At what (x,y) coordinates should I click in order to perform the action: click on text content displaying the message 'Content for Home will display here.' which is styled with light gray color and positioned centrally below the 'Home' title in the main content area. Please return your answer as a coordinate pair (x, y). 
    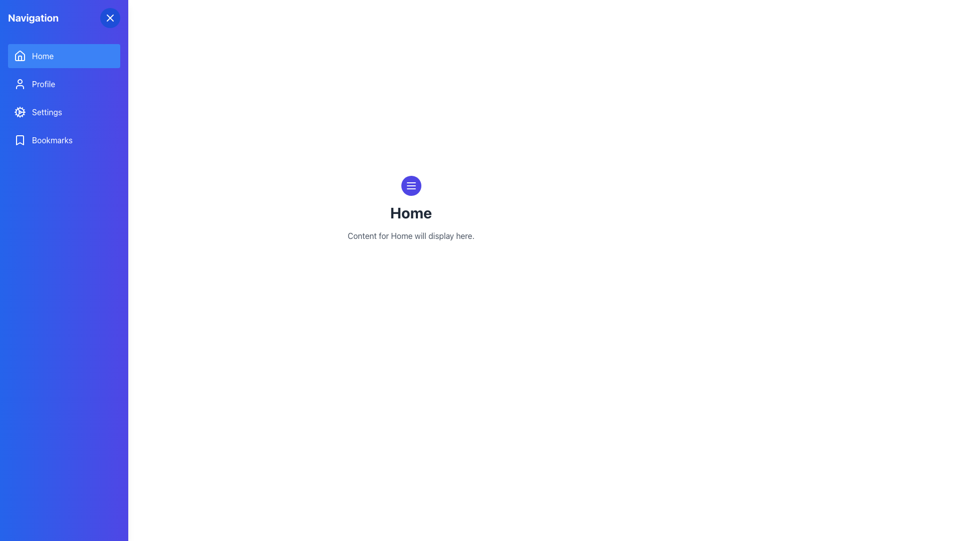
    Looking at the image, I should click on (411, 235).